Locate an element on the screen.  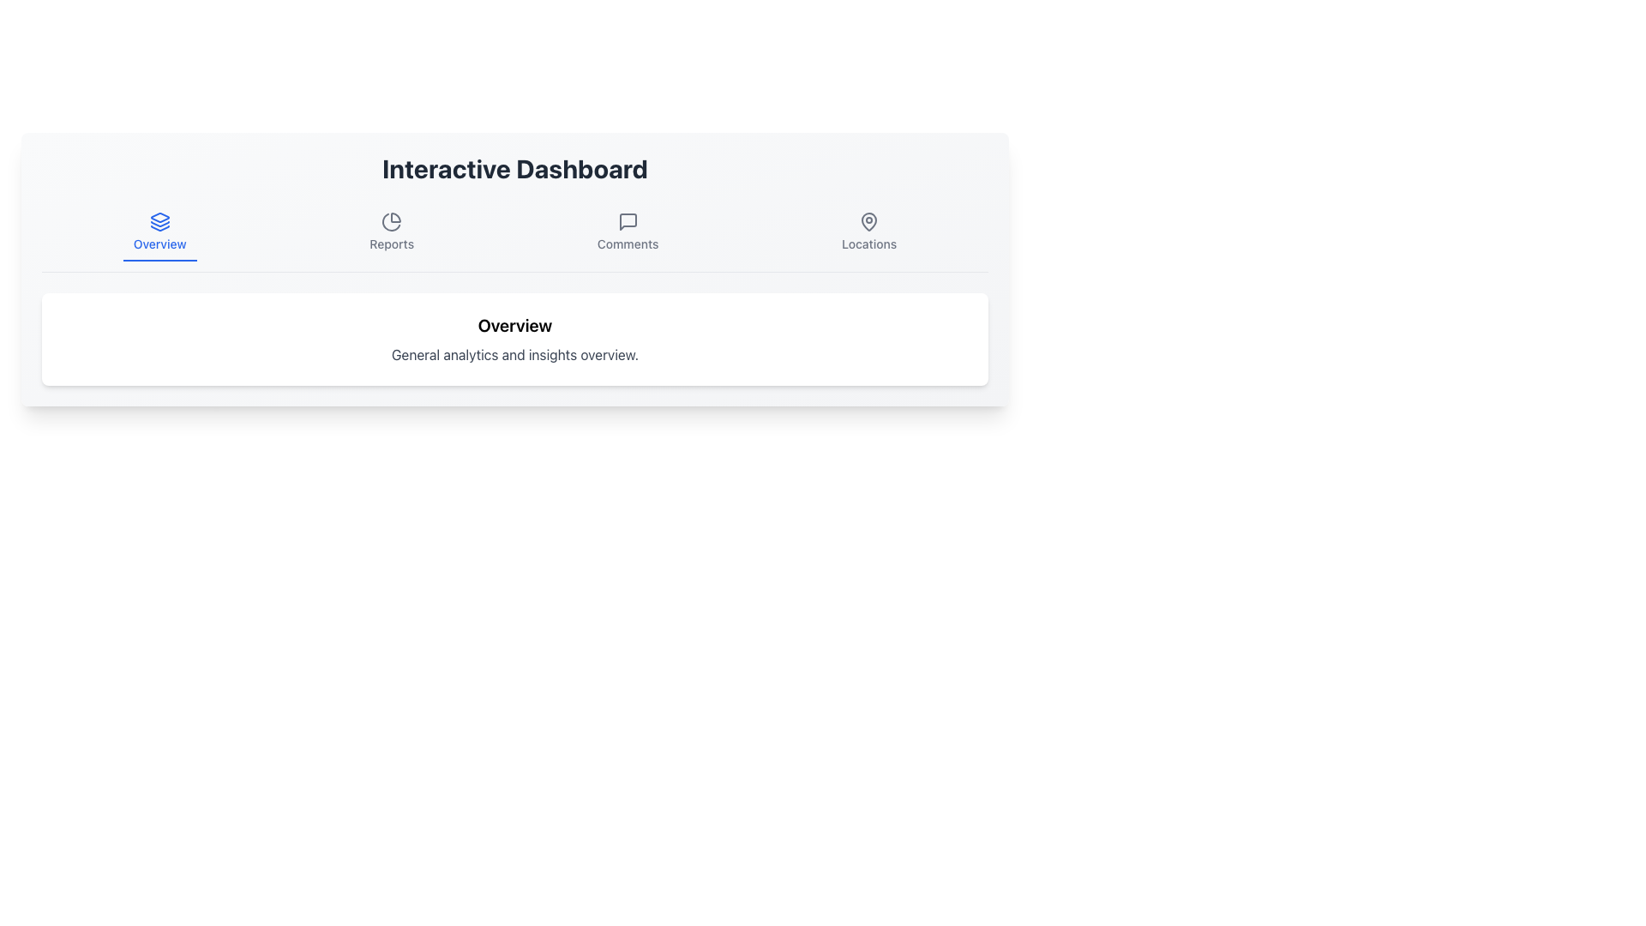
the button with a map pin icon and 'Locations' text is located at coordinates (869, 233).